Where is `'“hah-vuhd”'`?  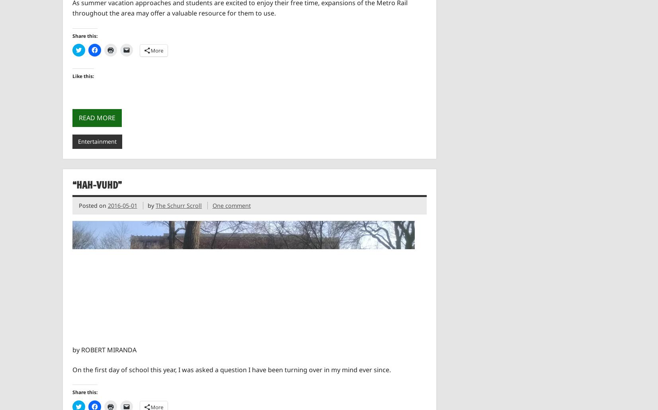 '“hah-vuhd”' is located at coordinates (72, 184).